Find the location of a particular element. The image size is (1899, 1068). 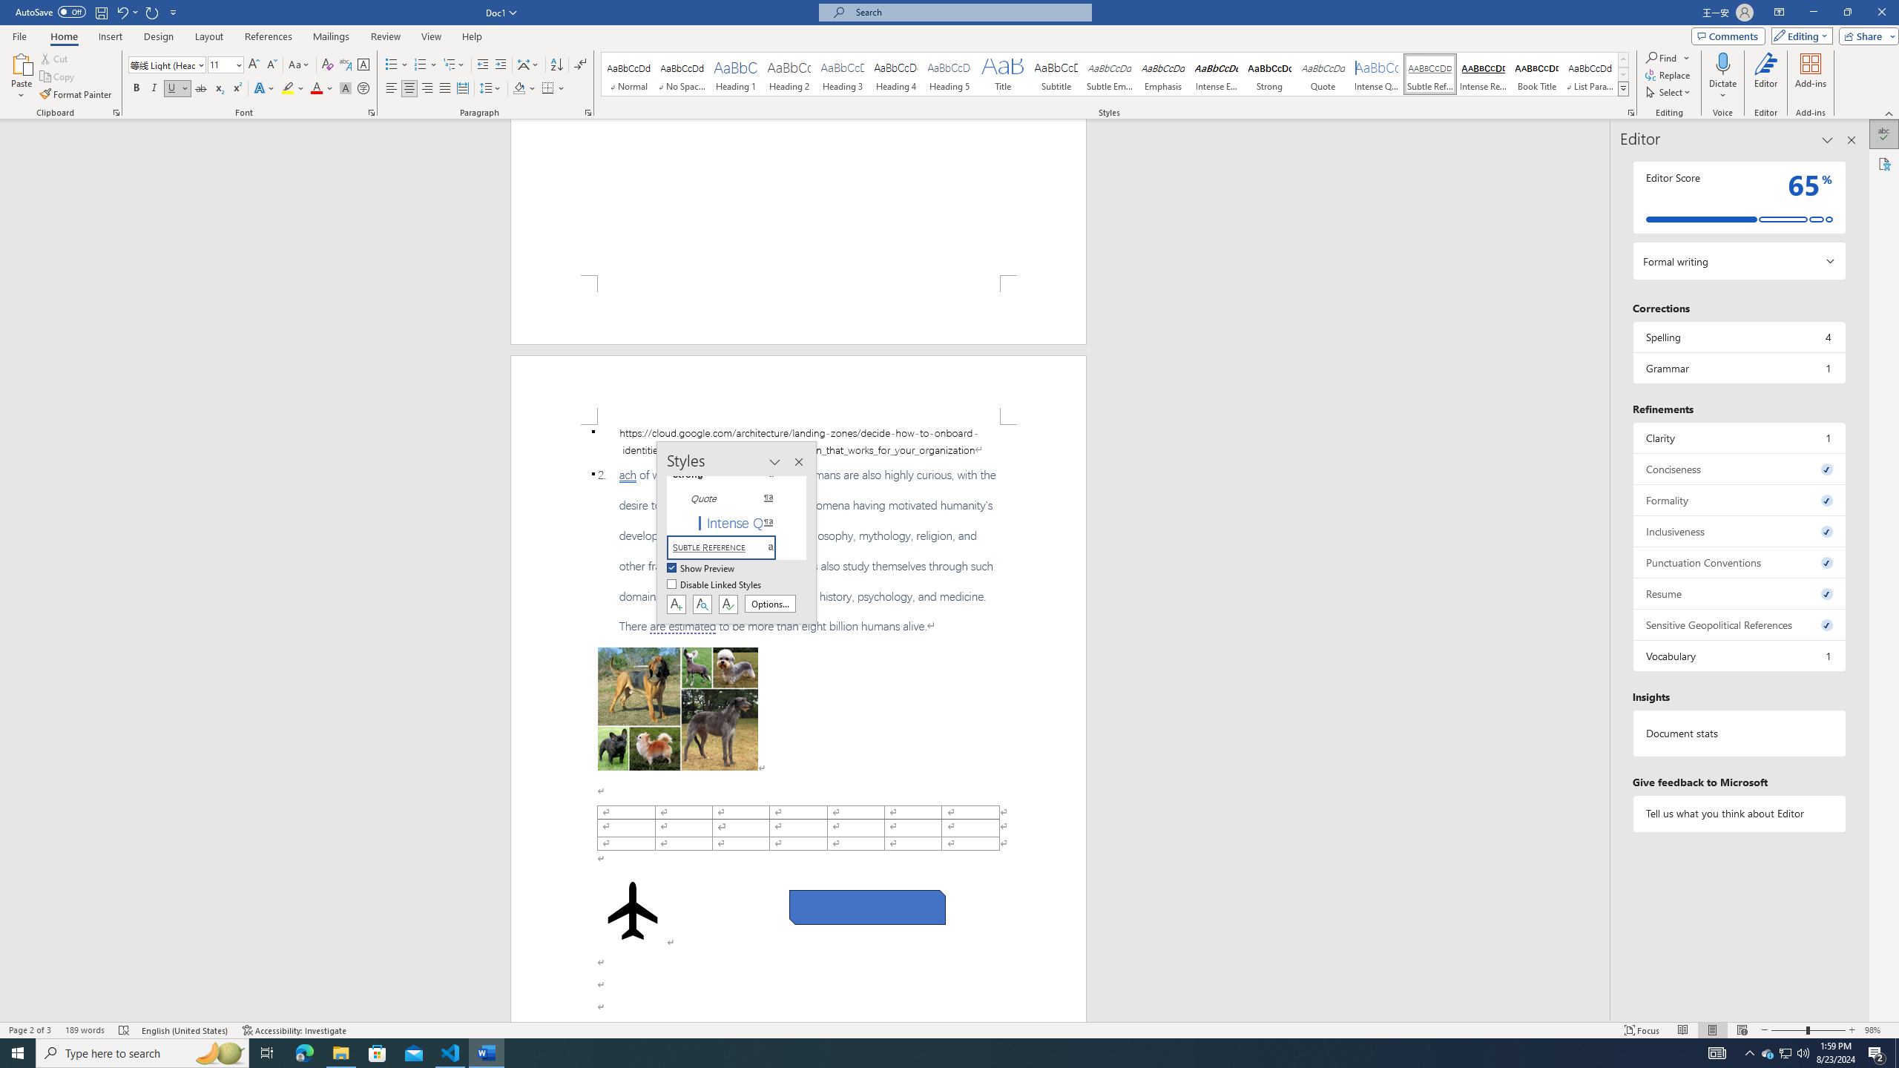

'Text Effects and Typography' is located at coordinates (263, 88).